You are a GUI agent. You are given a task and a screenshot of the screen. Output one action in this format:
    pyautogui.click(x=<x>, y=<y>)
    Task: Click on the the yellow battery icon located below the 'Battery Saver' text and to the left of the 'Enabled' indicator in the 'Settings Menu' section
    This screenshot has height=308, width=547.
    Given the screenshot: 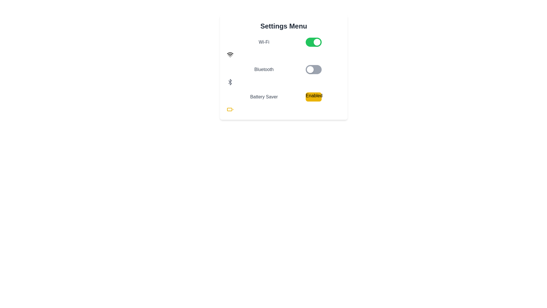 What is the action you would take?
    pyautogui.click(x=230, y=110)
    